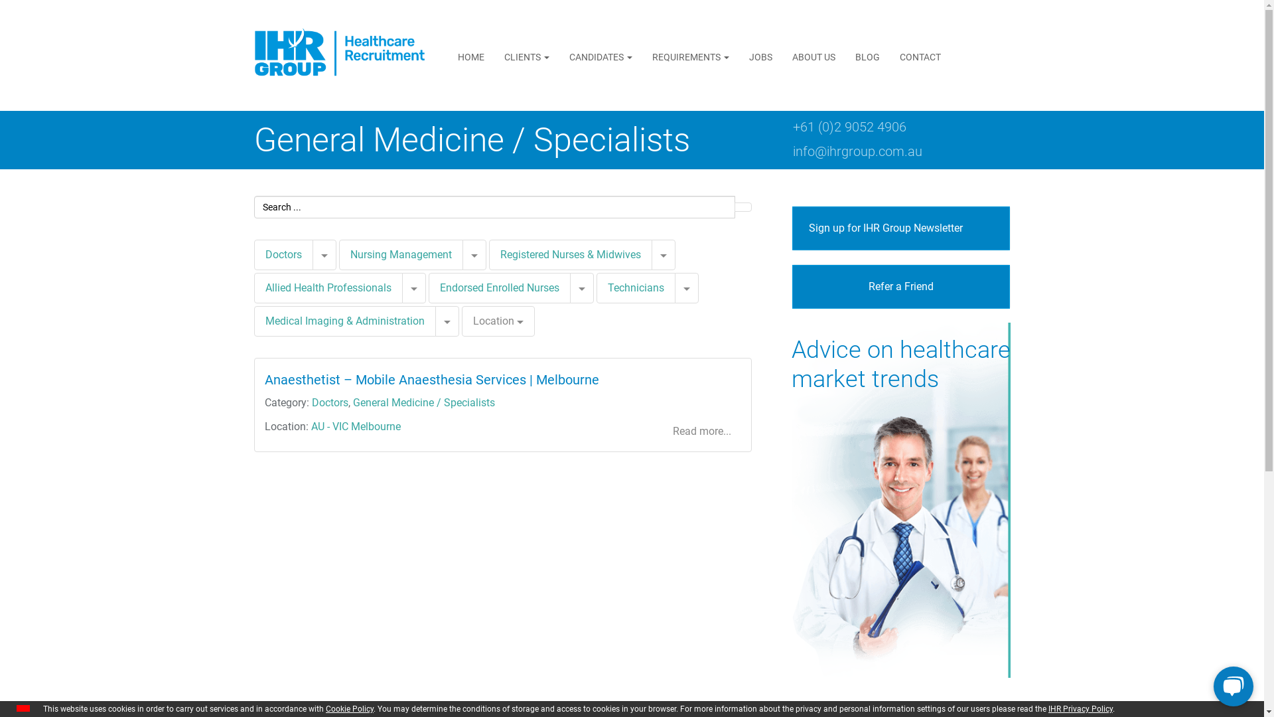 Image resolution: width=1274 pixels, height=717 pixels. Describe the element at coordinates (901, 286) in the screenshot. I see `'Refer a Friend'` at that location.